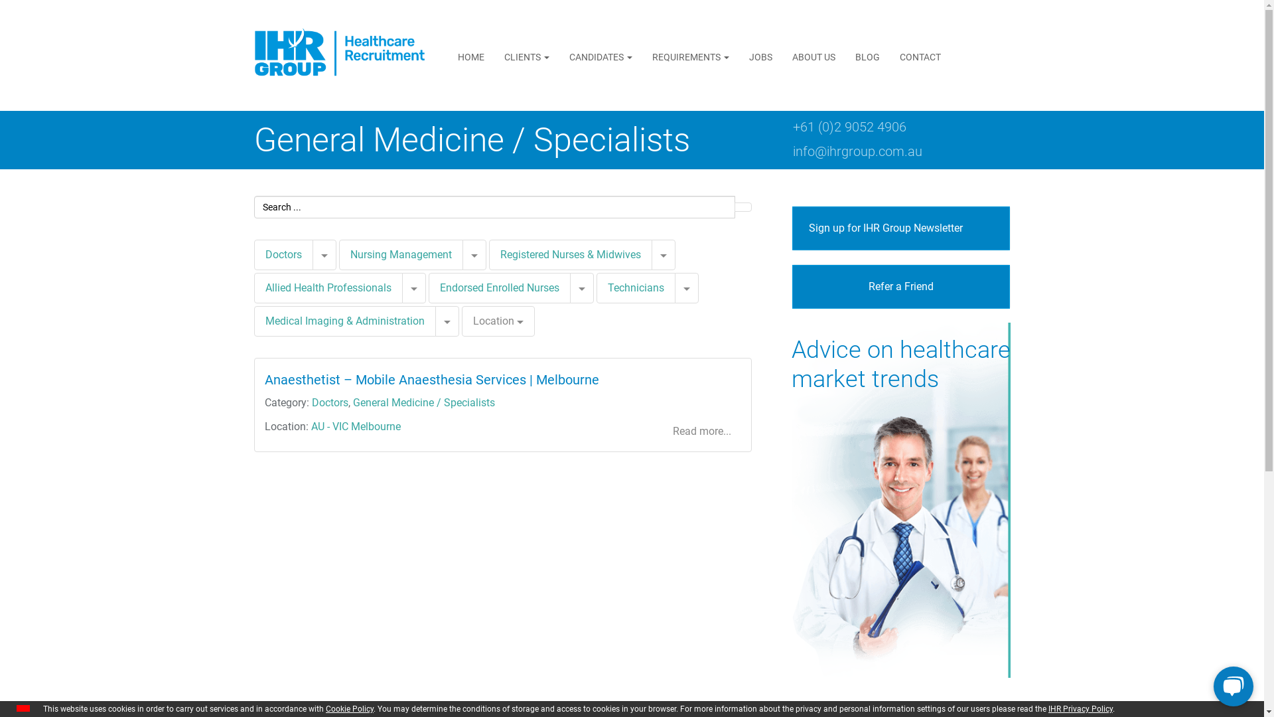 Image resolution: width=1274 pixels, height=717 pixels. Describe the element at coordinates (901, 286) in the screenshot. I see `'Refer a Friend'` at that location.